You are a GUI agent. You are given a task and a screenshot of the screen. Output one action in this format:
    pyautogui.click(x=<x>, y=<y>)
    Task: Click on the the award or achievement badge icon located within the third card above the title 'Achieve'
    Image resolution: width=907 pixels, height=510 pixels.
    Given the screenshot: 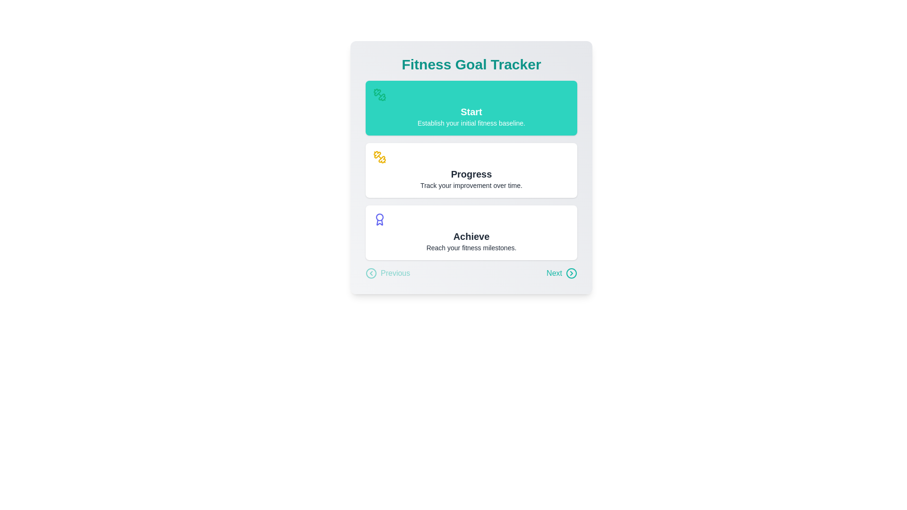 What is the action you would take?
    pyautogui.click(x=471, y=220)
    